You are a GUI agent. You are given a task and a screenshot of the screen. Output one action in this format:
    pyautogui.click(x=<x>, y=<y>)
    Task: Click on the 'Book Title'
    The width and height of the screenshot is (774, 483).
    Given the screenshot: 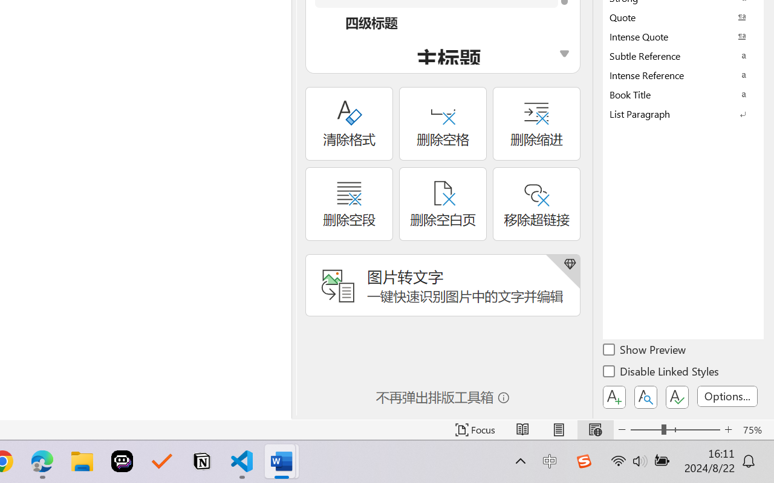 What is the action you would take?
    pyautogui.click(x=683, y=94)
    